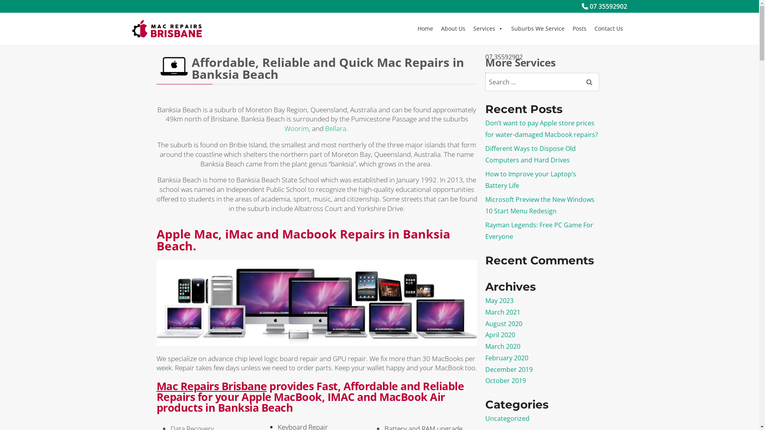 The width and height of the screenshot is (765, 430). I want to click on 'August 2020', so click(485, 324).